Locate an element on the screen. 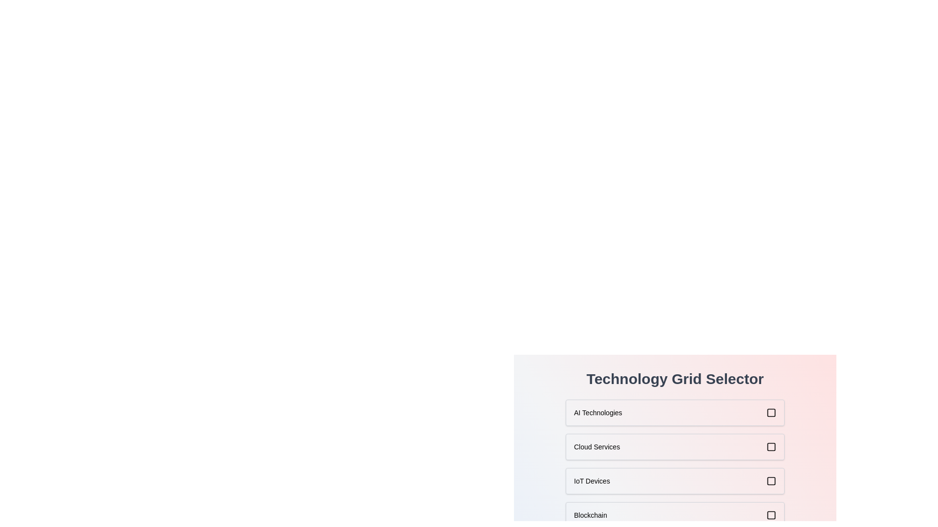  the item Blockchain to see its hover effect is located at coordinates (675, 515).